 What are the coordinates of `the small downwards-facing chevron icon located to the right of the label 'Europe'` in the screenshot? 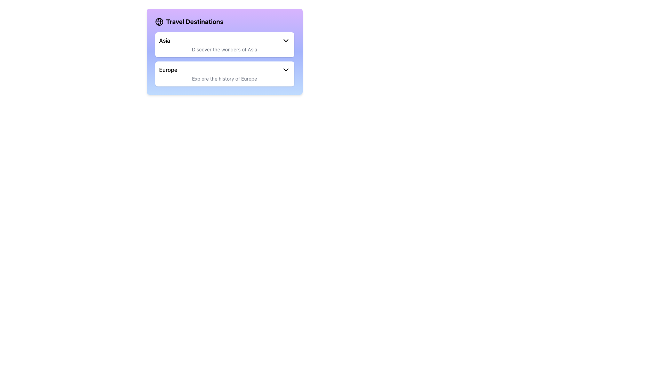 It's located at (286, 69).